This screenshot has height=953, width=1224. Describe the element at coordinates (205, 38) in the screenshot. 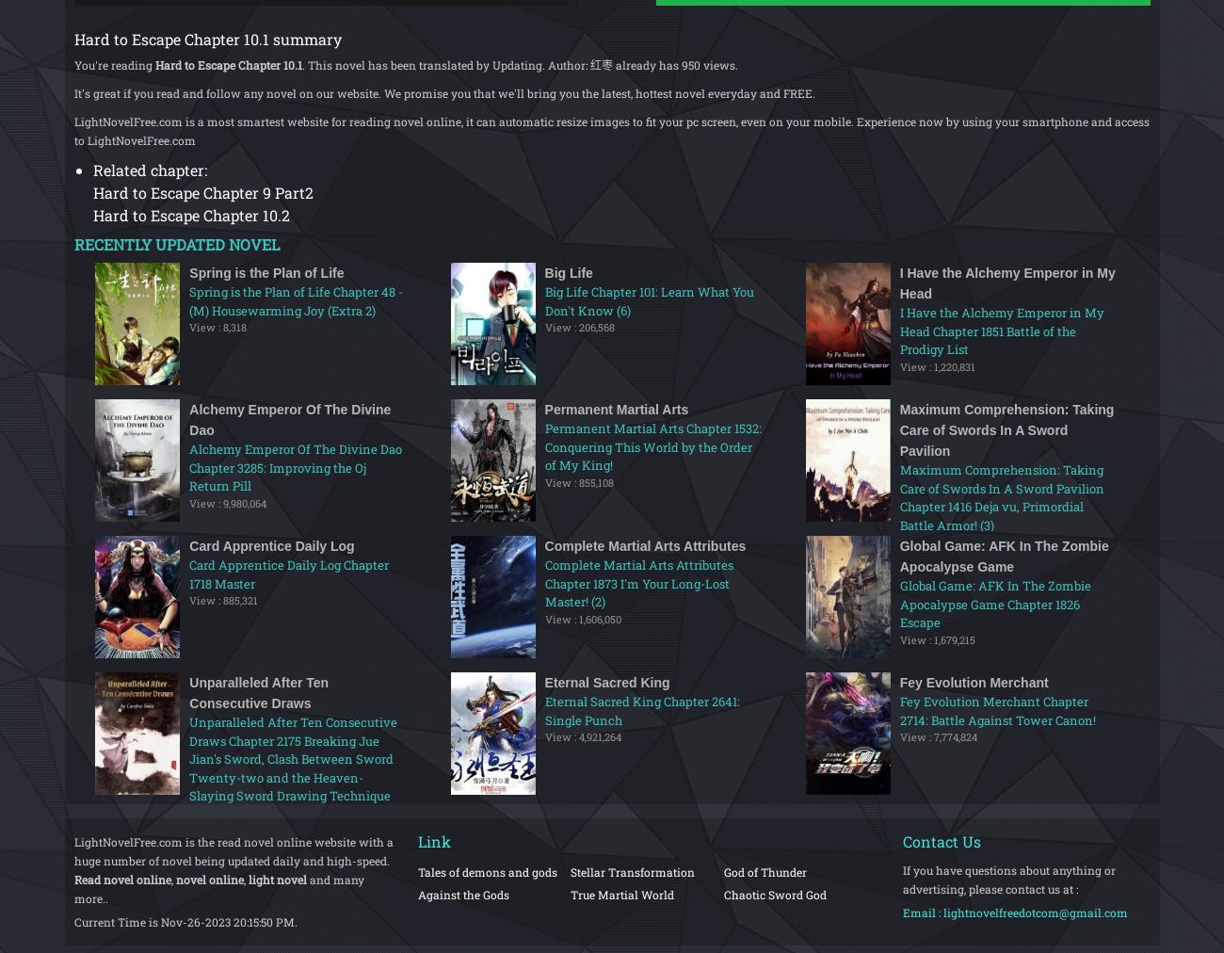

I see `'Hard to Escape Chapter 10.1 summary'` at that location.